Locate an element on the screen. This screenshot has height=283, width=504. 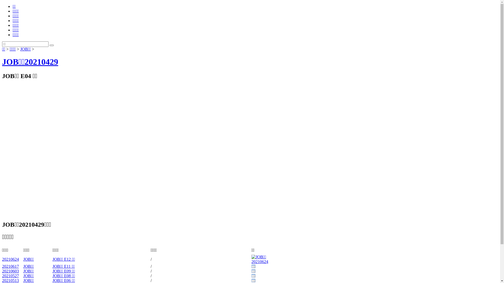
'/' is located at coordinates (151, 275).